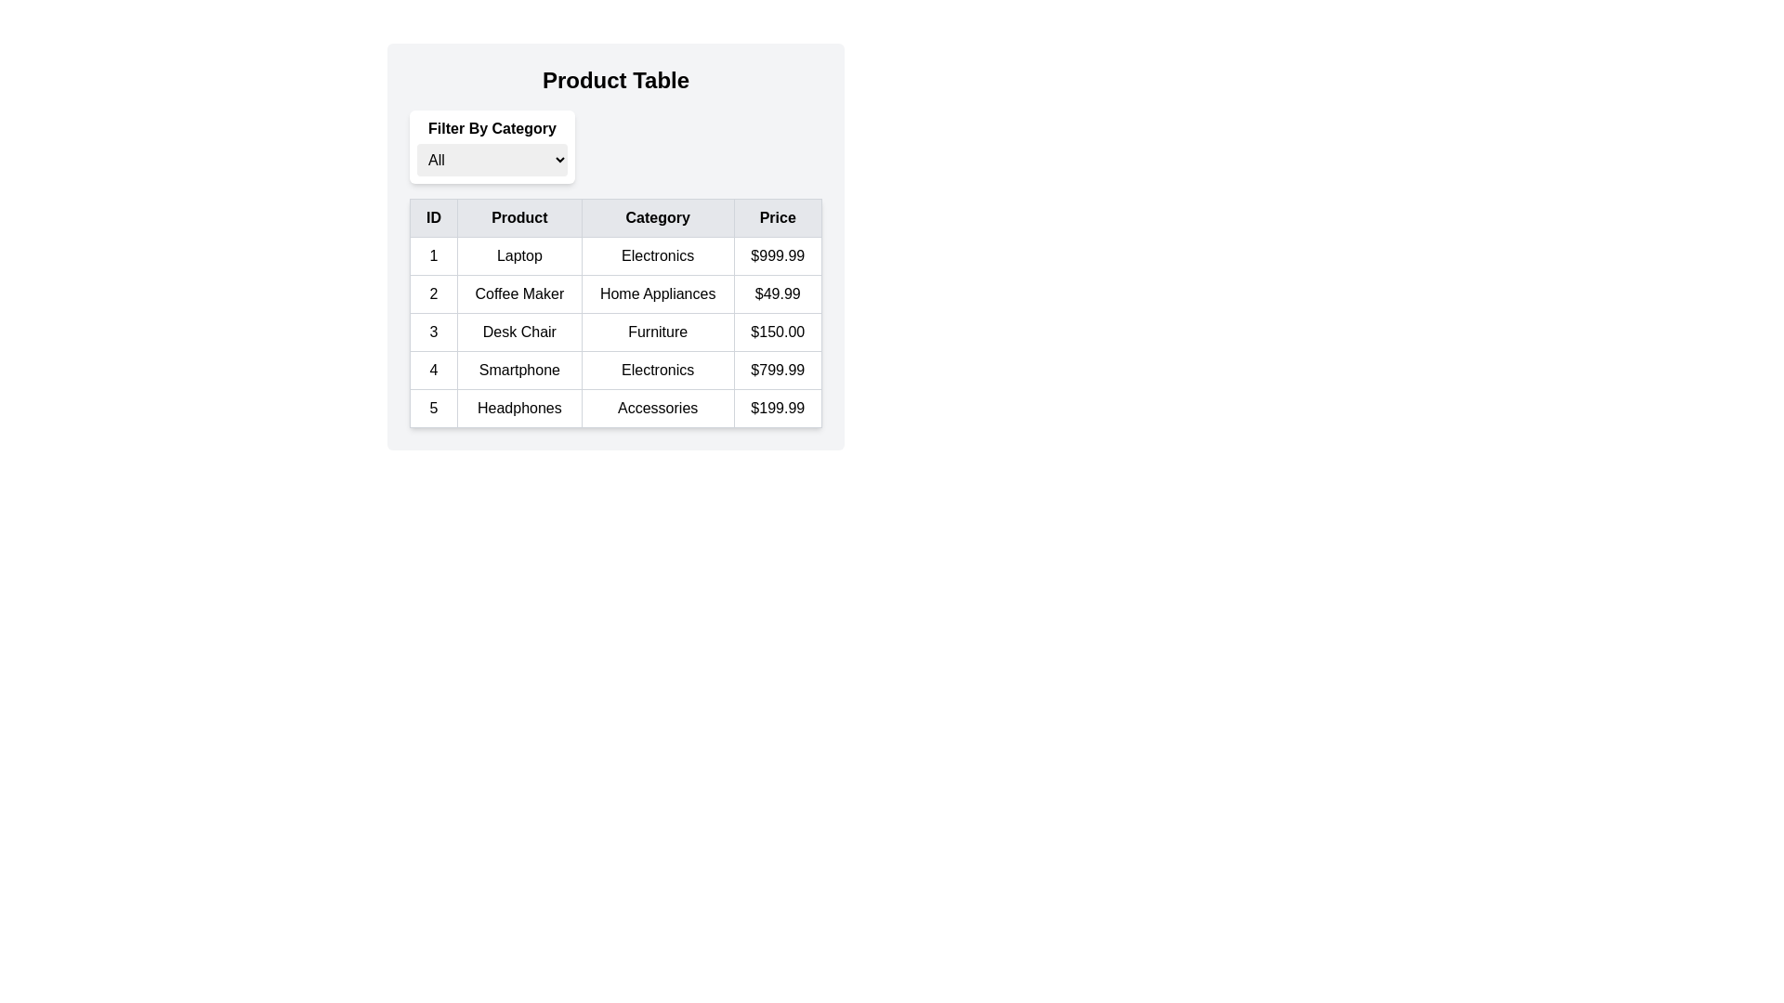 The image size is (1784, 1003). I want to click on the category, name, so click(615, 407).